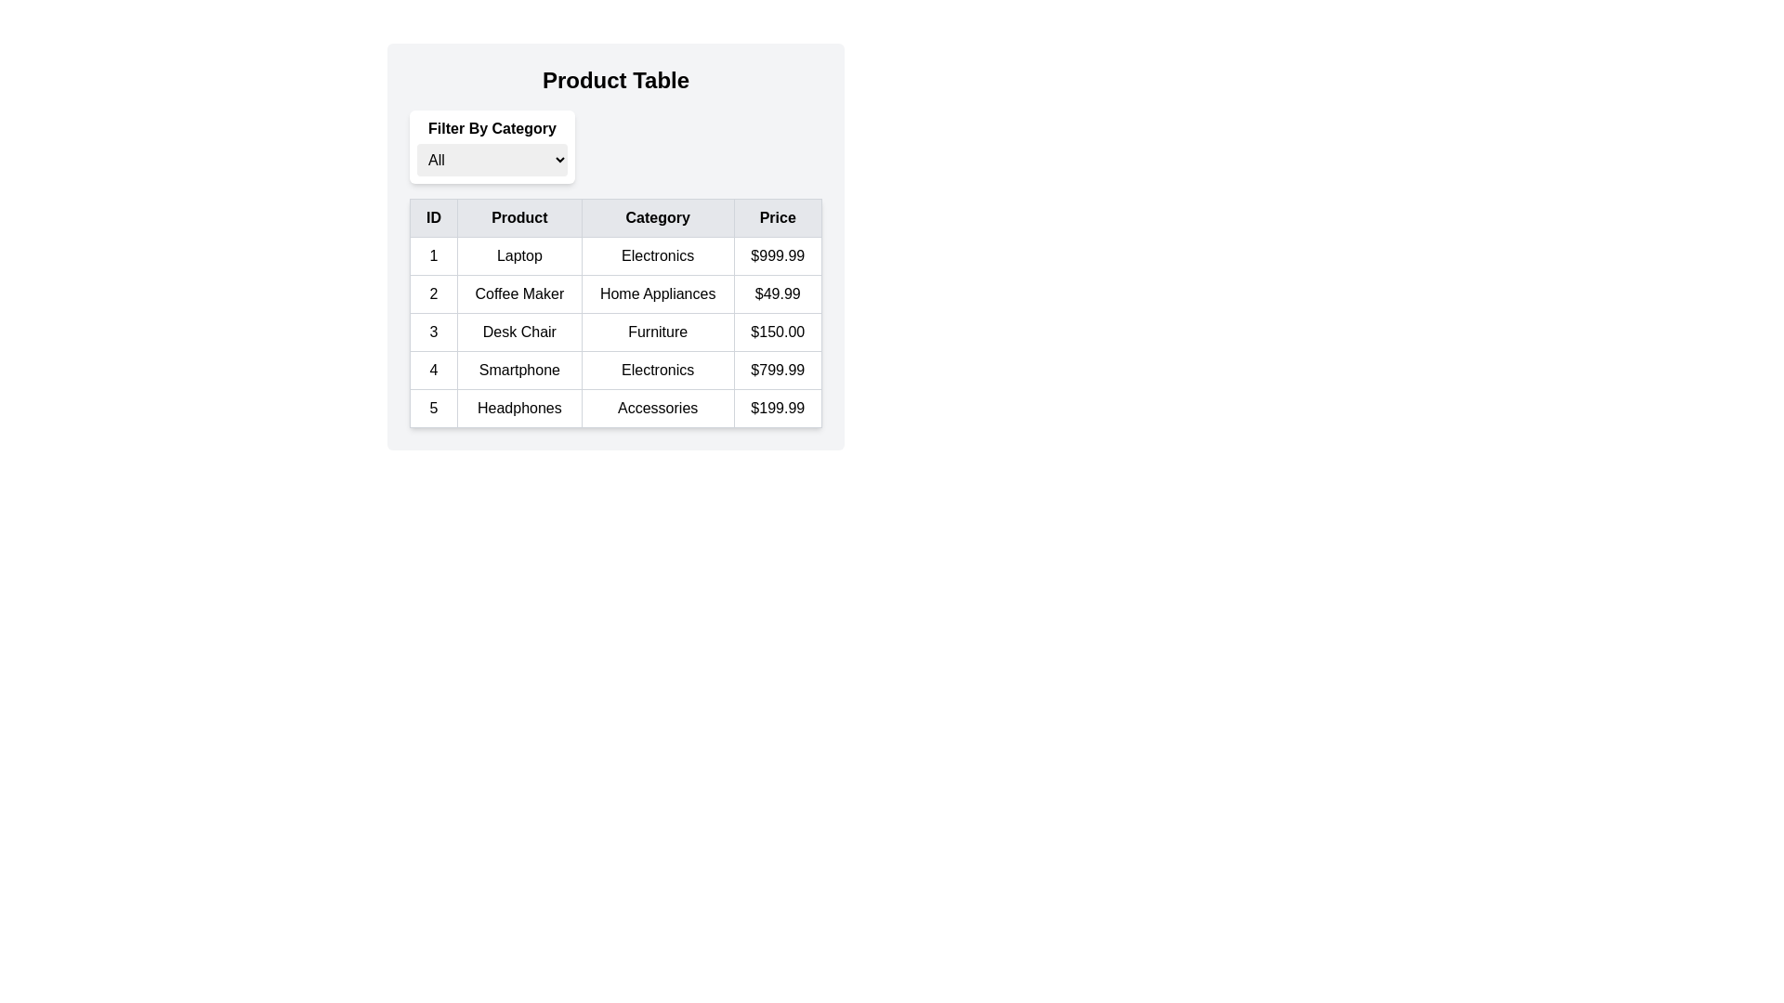 The image size is (1784, 1003). I want to click on the category, name, so click(615, 407).